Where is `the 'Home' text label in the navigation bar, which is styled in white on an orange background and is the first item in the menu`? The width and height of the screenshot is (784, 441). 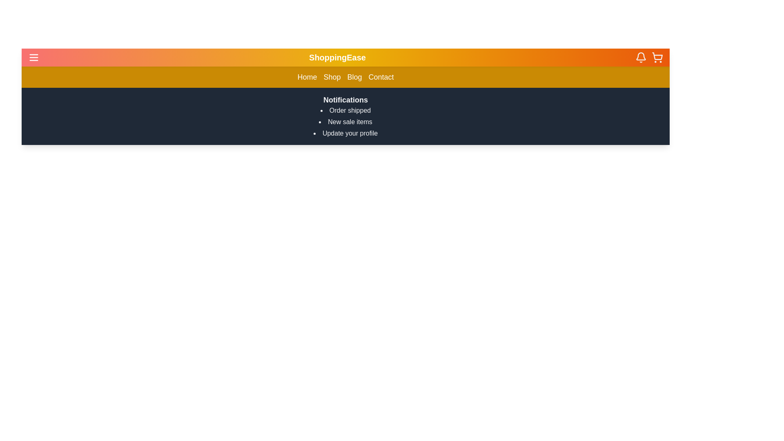 the 'Home' text label in the navigation bar, which is styled in white on an orange background and is the first item in the menu is located at coordinates (307, 77).